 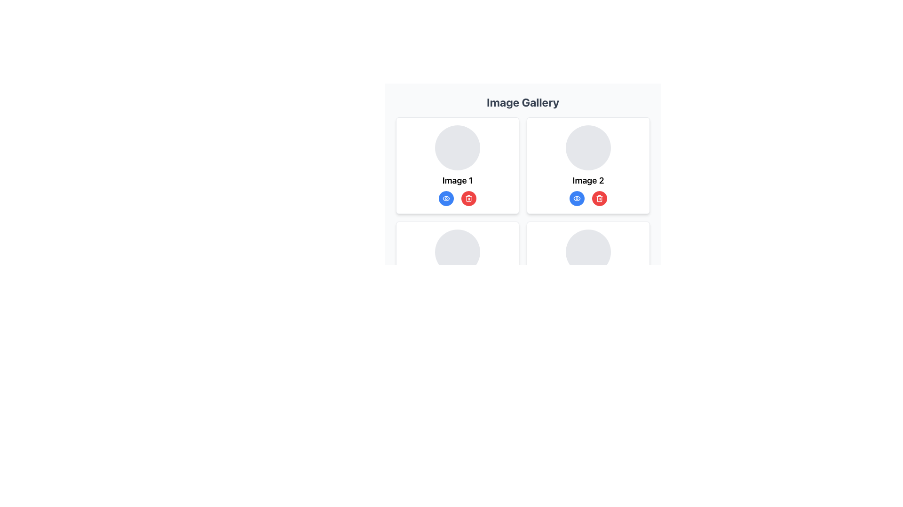 I want to click on the eye icon within its rounded button, so click(x=446, y=198).